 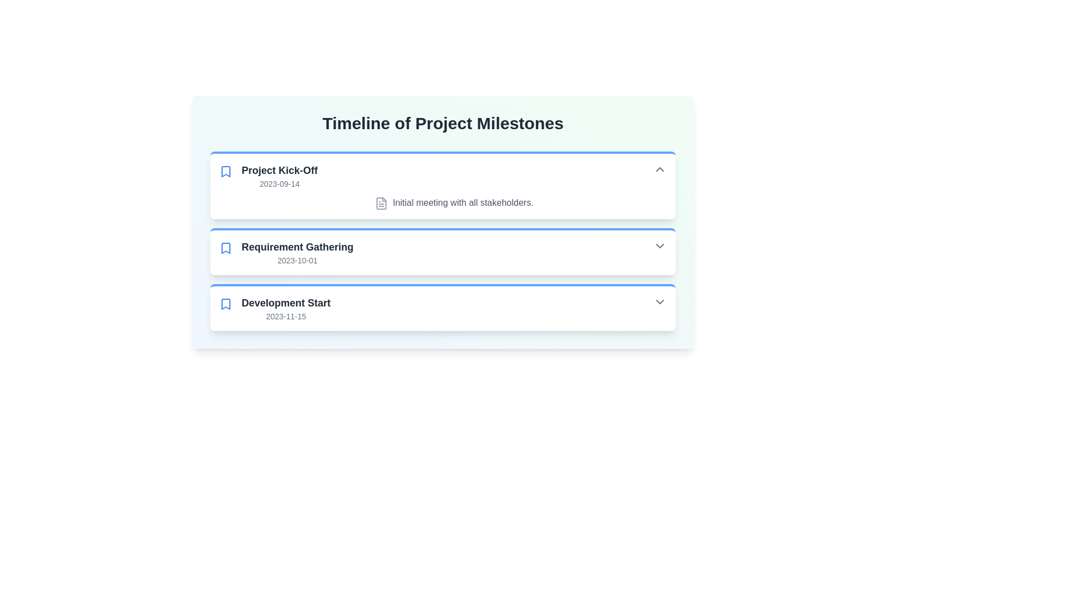 What do you see at coordinates (454, 252) in the screenshot?
I see `displayed milestone information of the second entry in the vertical list of project milestones, which shows a project milestone with its corresponding title and date` at bounding box center [454, 252].